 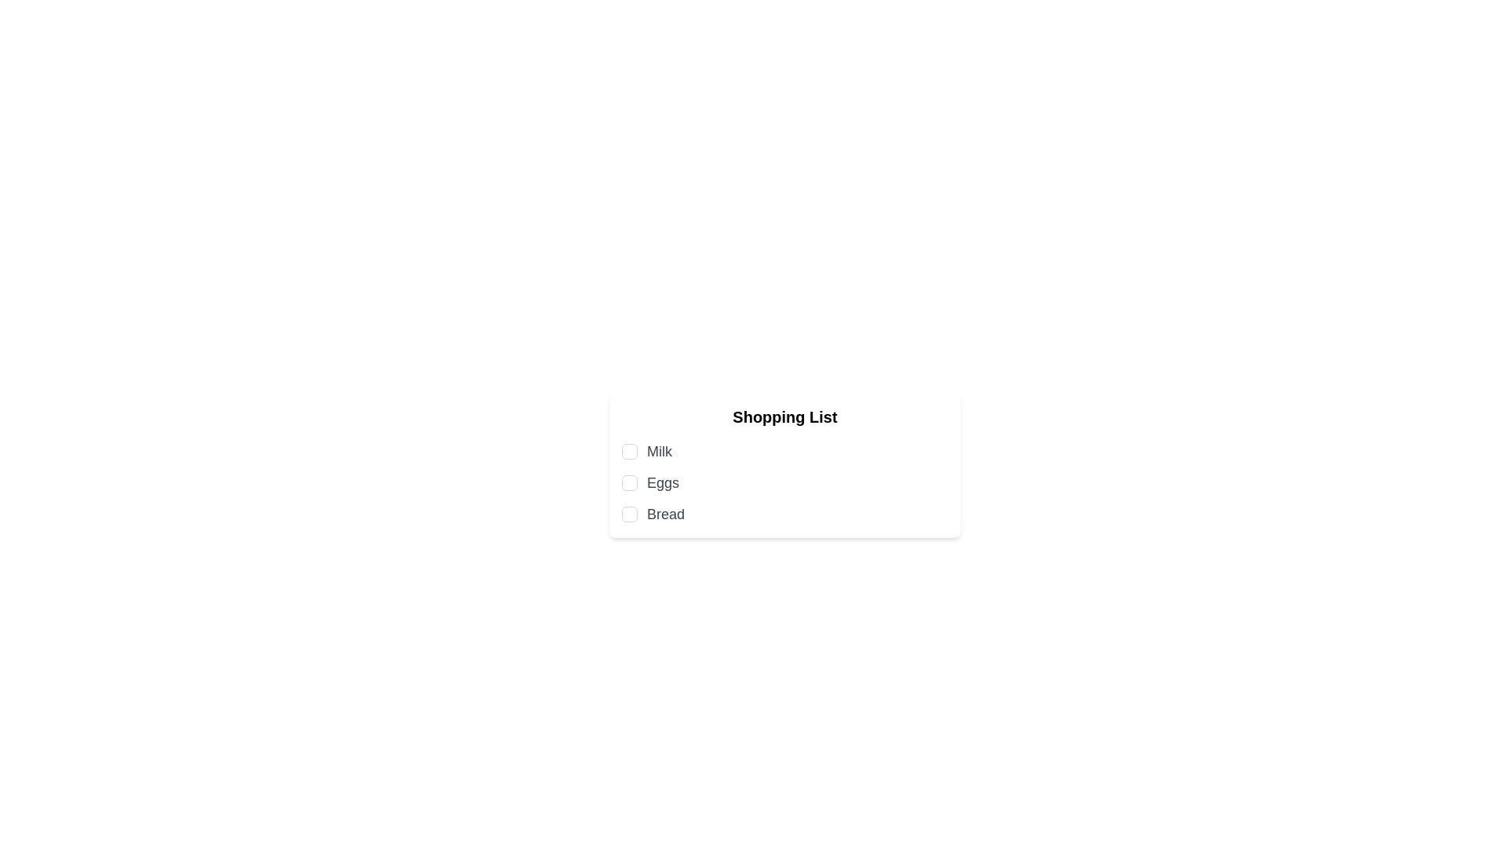 What do you see at coordinates (629, 514) in the screenshot?
I see `the checkbox element associated with 'Bread'` at bounding box center [629, 514].